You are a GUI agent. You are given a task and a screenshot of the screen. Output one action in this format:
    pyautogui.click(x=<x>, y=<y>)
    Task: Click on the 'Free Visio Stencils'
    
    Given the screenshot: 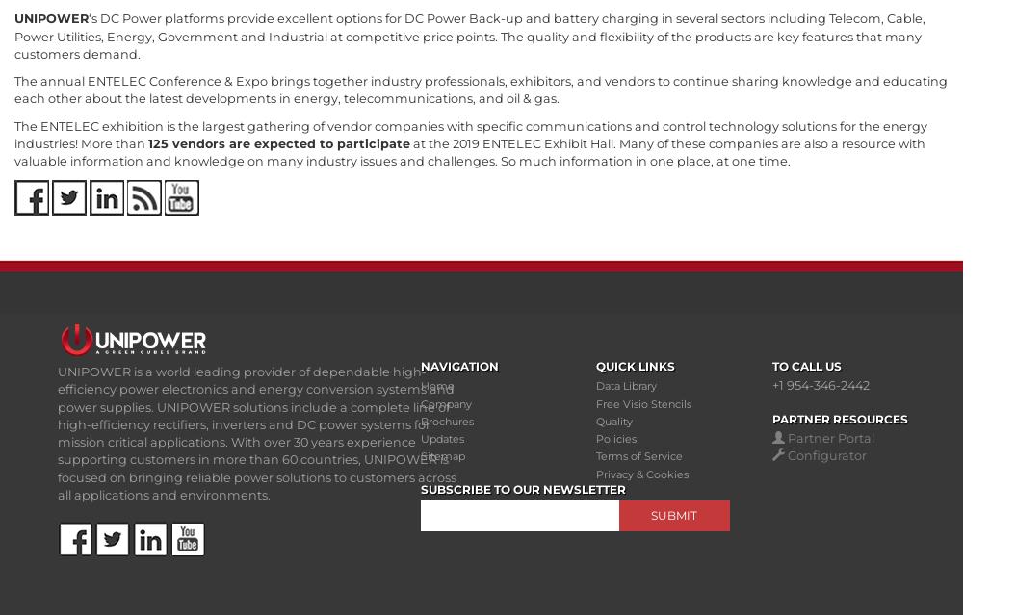 What is the action you would take?
    pyautogui.click(x=595, y=402)
    